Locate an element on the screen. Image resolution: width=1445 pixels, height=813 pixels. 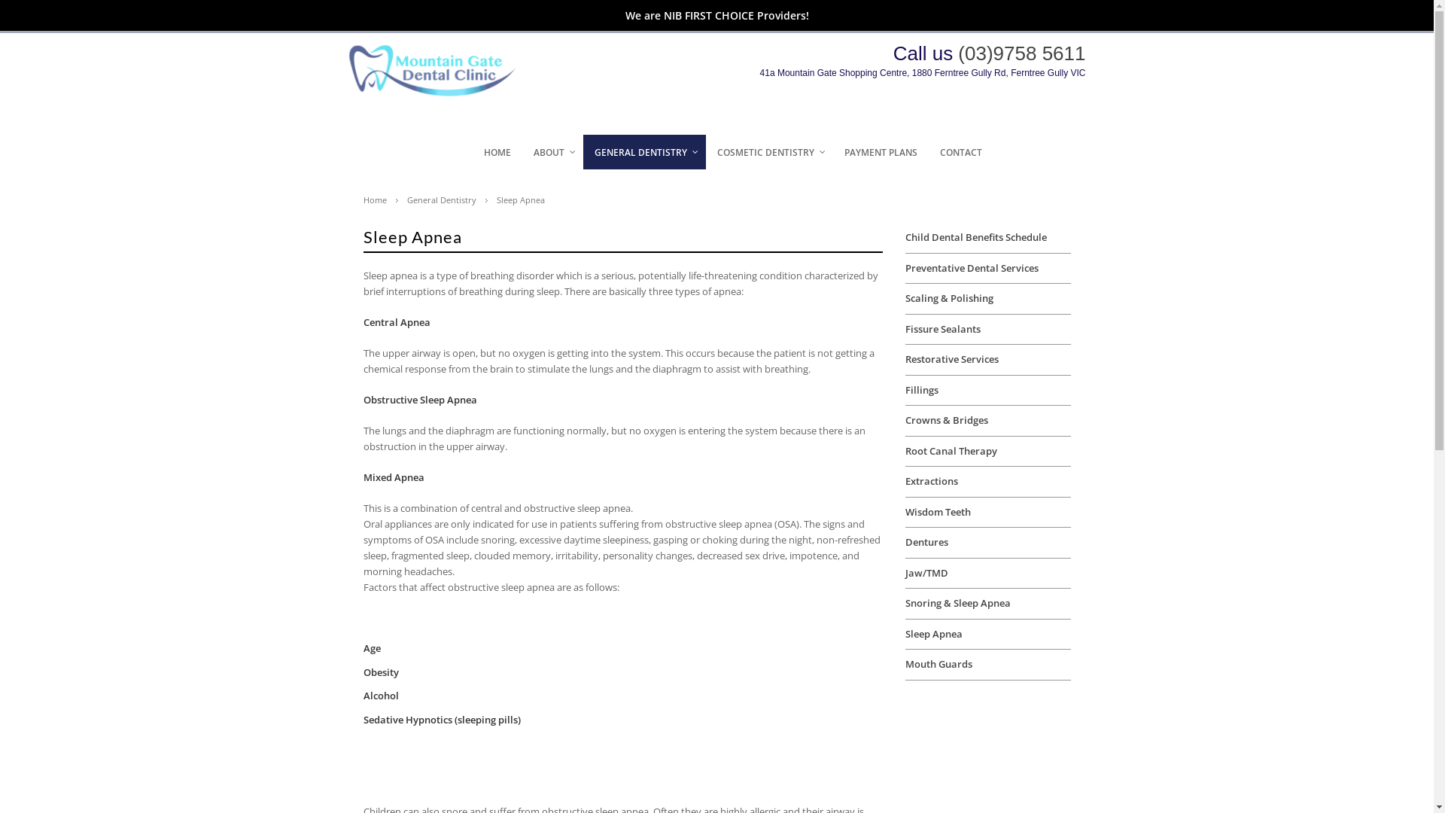
'Preventative Dental Services' is located at coordinates (971, 266).